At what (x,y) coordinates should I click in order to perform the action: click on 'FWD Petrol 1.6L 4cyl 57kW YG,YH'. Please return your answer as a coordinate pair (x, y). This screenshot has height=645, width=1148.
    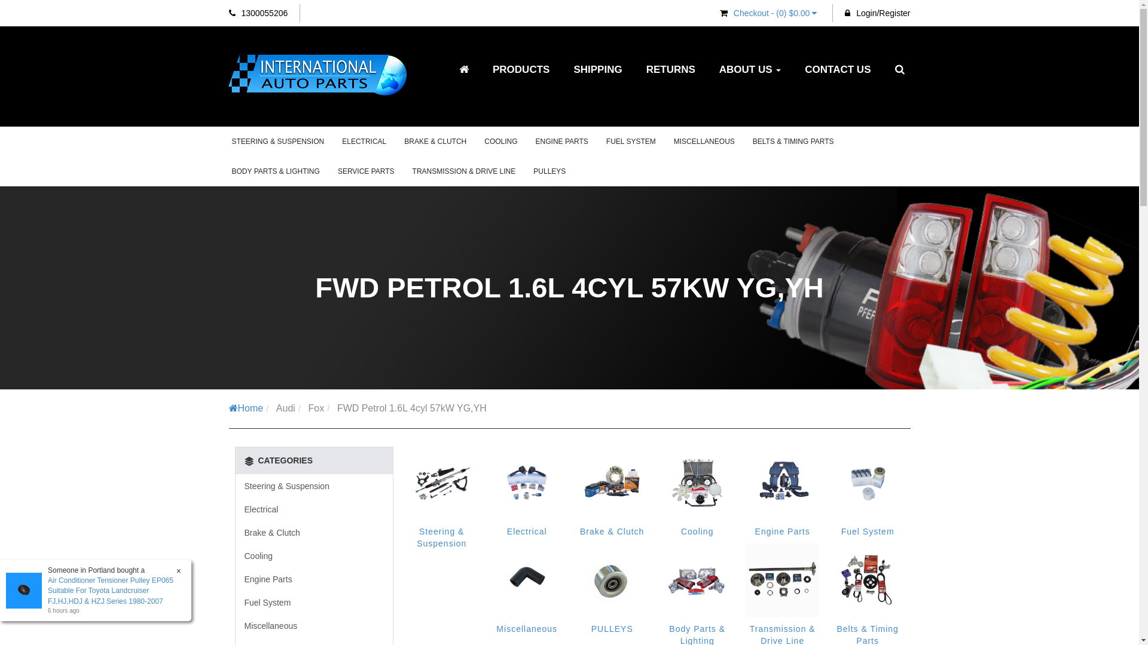
    Looking at the image, I should click on (337, 407).